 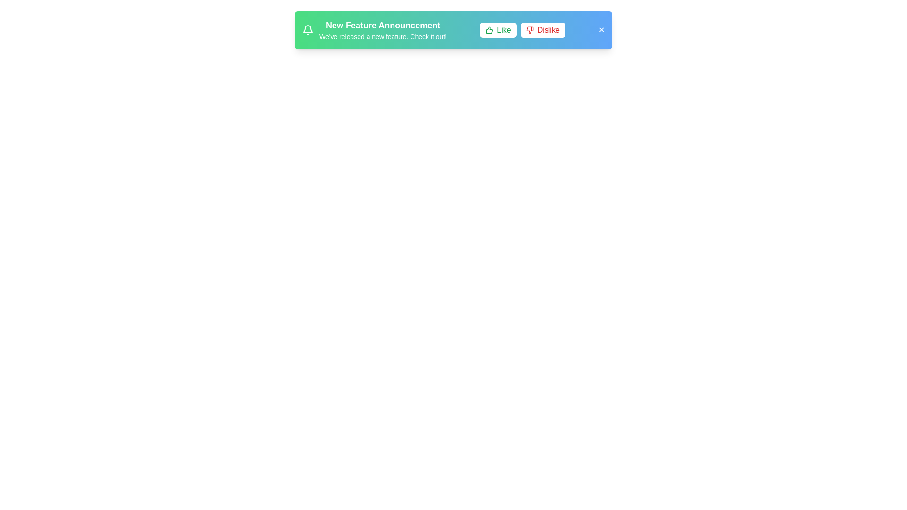 What do you see at coordinates (453, 30) in the screenshot?
I see `the notification bar to inspect its details` at bounding box center [453, 30].